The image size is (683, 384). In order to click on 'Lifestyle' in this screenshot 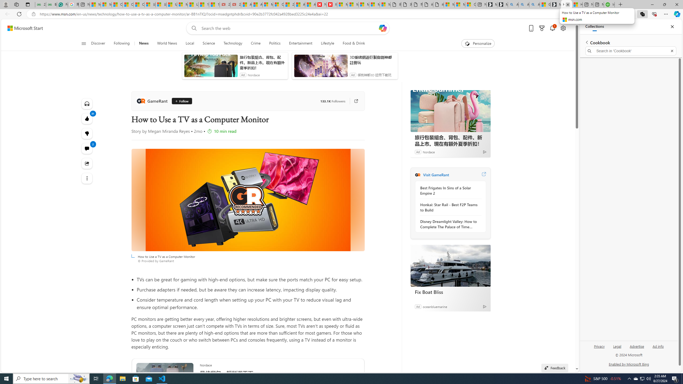, I will do `click(327, 43)`.